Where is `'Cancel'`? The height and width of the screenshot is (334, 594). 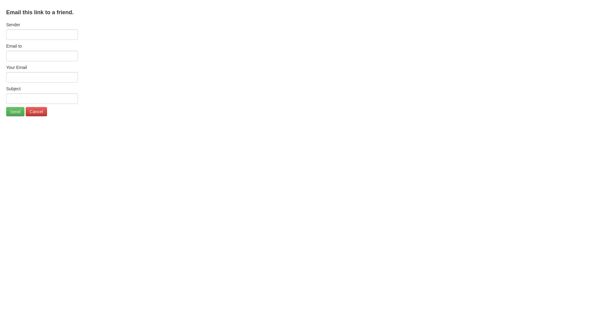 'Cancel' is located at coordinates (36, 112).